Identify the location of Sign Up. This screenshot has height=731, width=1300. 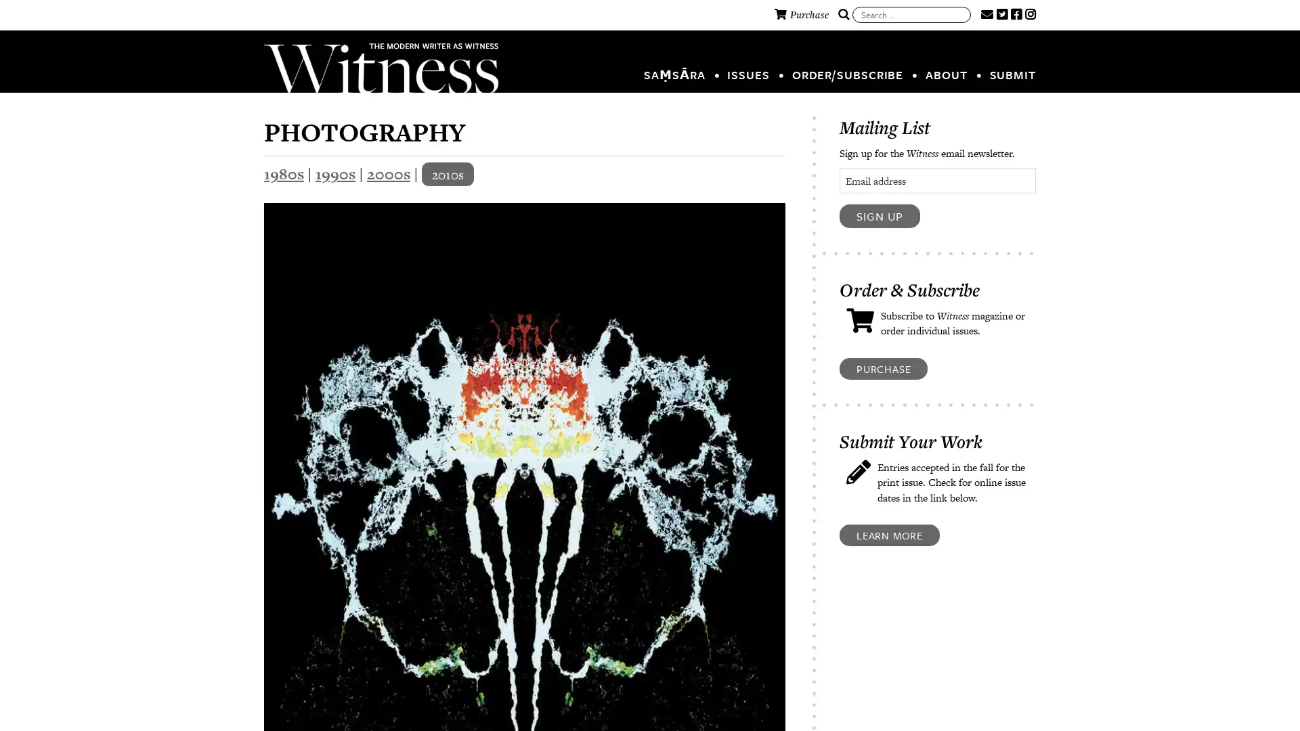
(880, 215).